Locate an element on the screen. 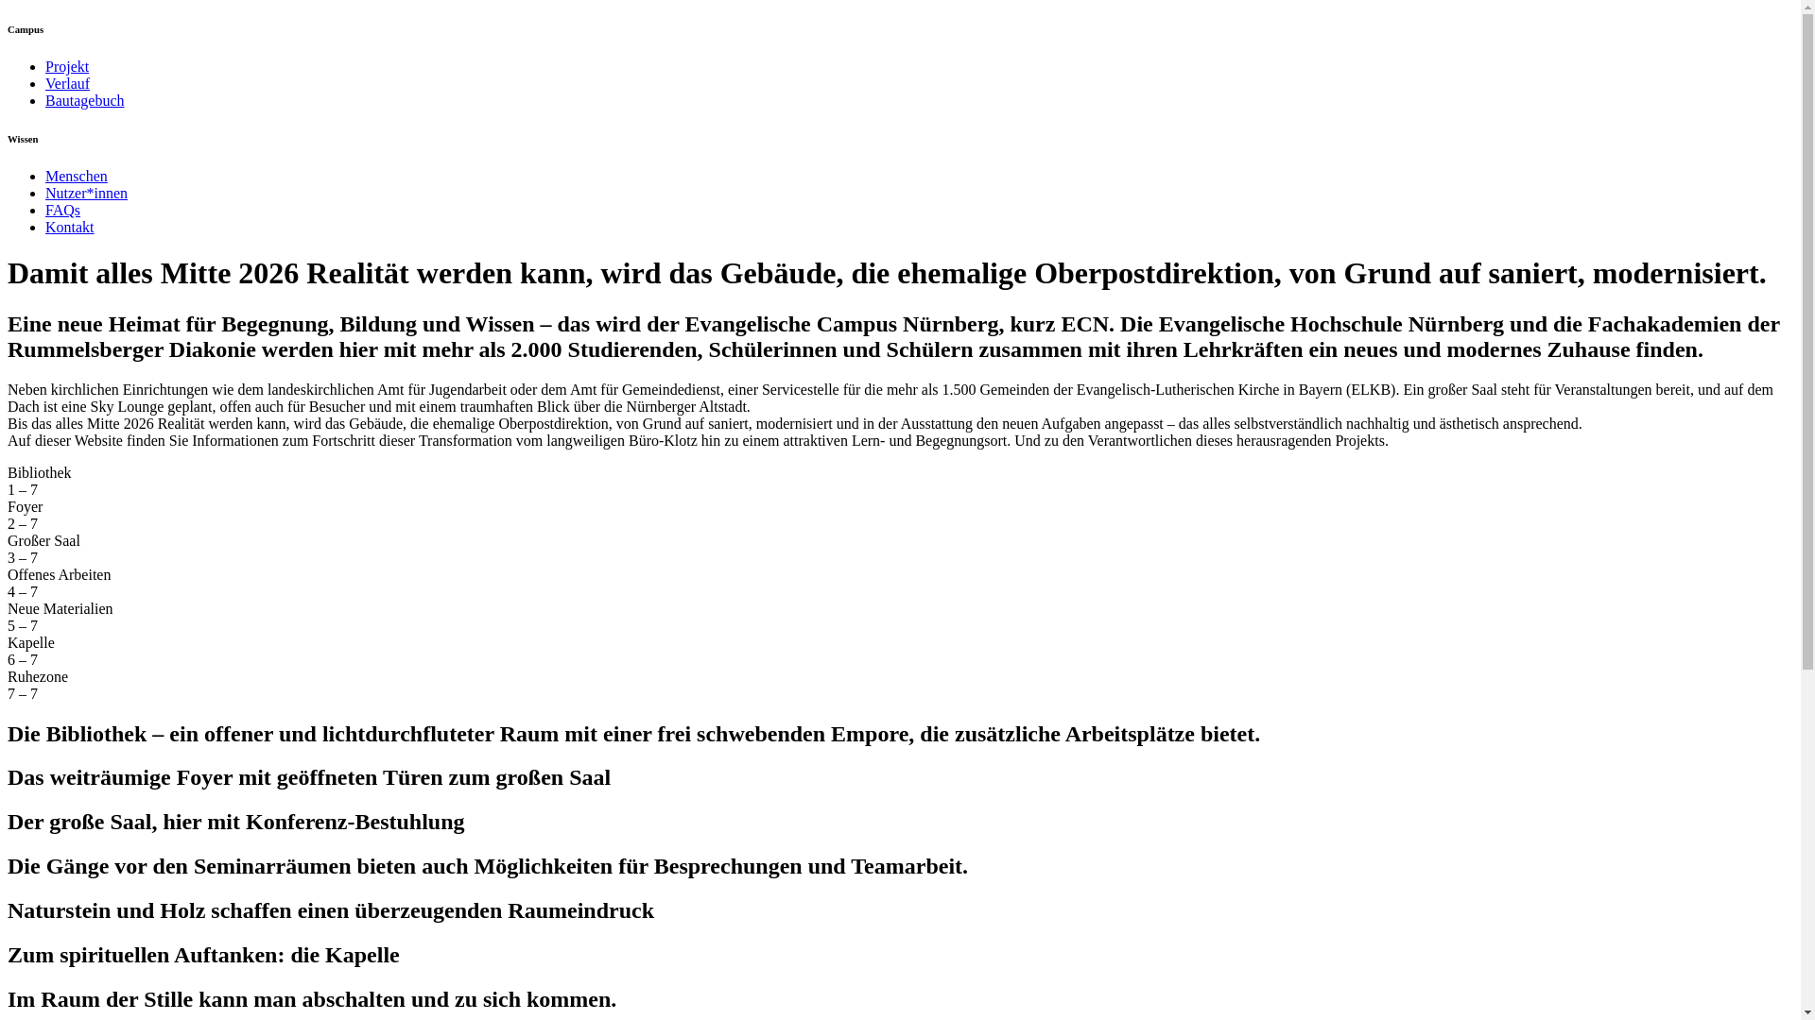  'Verlauf' is located at coordinates (67, 82).